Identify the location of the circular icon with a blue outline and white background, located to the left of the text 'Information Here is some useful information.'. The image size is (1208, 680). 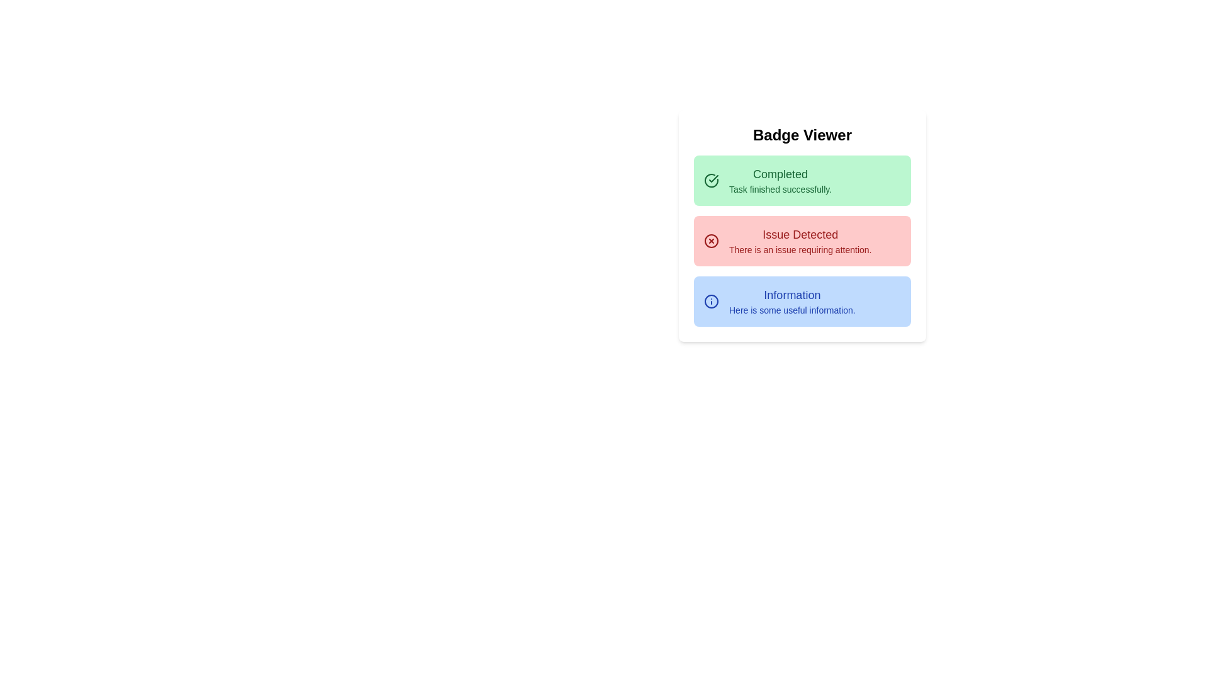
(712, 301).